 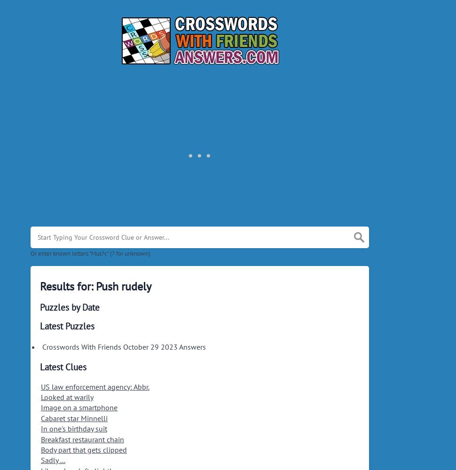 I want to click on 'In one's birthday suit', so click(x=40, y=429).